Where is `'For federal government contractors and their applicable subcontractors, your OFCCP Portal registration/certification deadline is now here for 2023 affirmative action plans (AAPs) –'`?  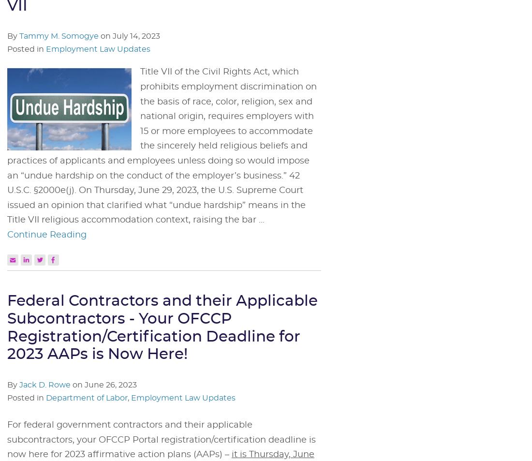
'For federal government contractors and their applicable subcontractors, your OFCCP Portal registration/certification deadline is now here for 2023 affirmative action plans (AAPs) –' is located at coordinates (161, 439).